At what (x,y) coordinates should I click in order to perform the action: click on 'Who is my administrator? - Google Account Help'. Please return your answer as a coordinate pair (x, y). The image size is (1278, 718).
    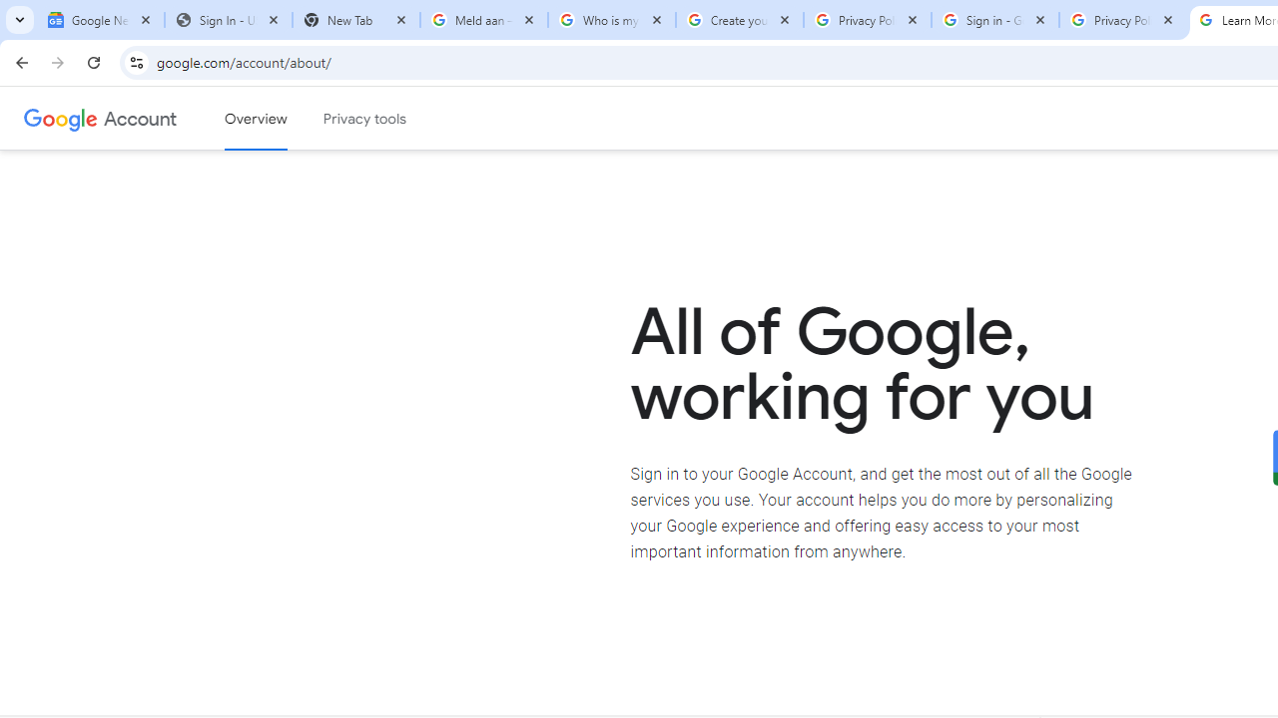
    Looking at the image, I should click on (611, 20).